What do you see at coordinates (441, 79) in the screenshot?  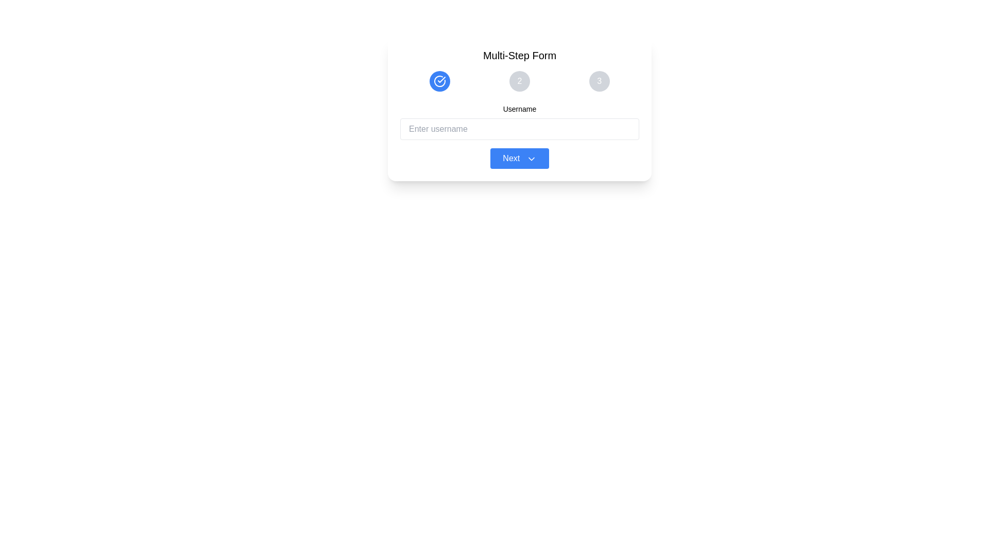 I see `the checkmark icon enclosed within a circular progress indicator at the top left of the form, which represents the first step in a multi-step process` at bounding box center [441, 79].